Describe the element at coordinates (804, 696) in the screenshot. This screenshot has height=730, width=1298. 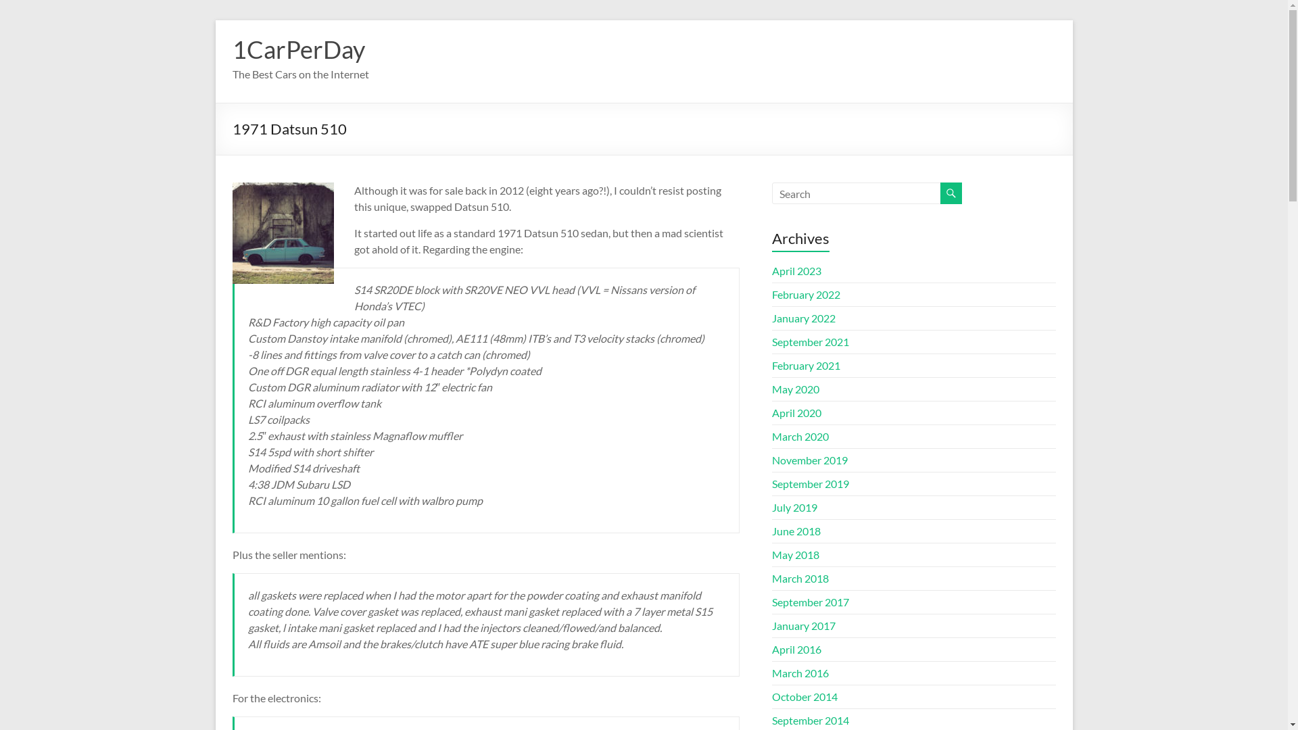
I see `'October 2014'` at that location.